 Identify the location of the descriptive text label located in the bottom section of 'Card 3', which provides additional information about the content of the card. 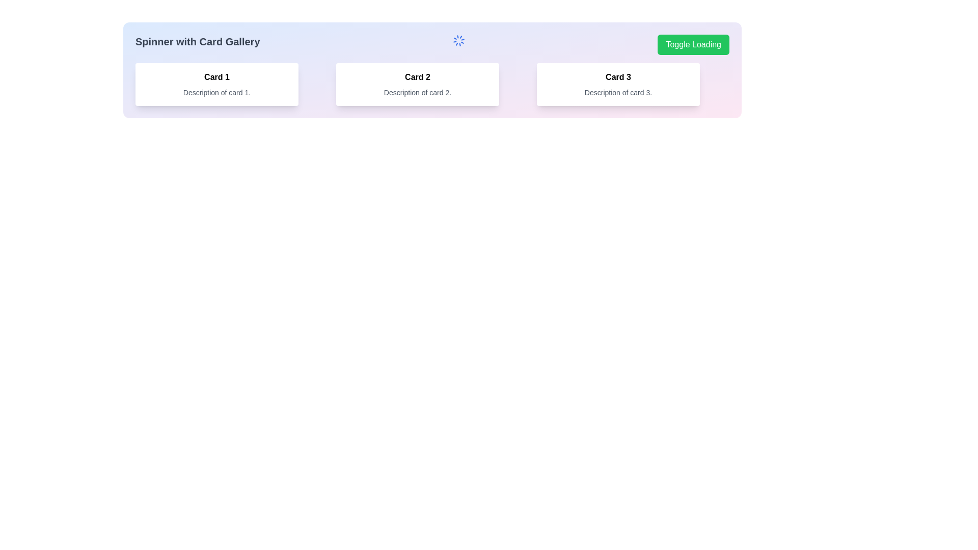
(618, 92).